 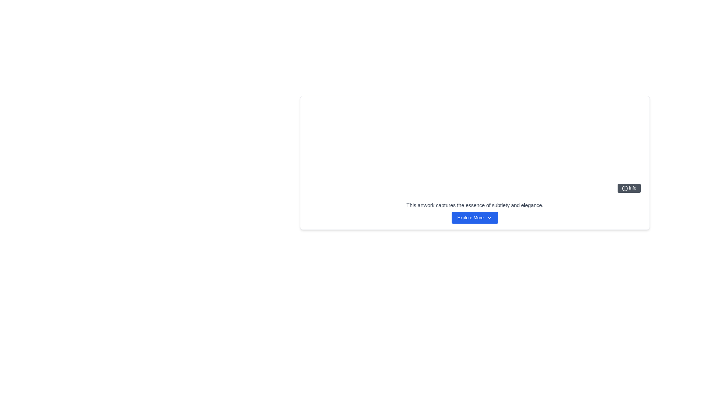 What do you see at coordinates (489, 217) in the screenshot?
I see `the expandable content indicator icon located to the right of the 'Explore More' button, positioned towards the bottom-right section of the interface` at bounding box center [489, 217].